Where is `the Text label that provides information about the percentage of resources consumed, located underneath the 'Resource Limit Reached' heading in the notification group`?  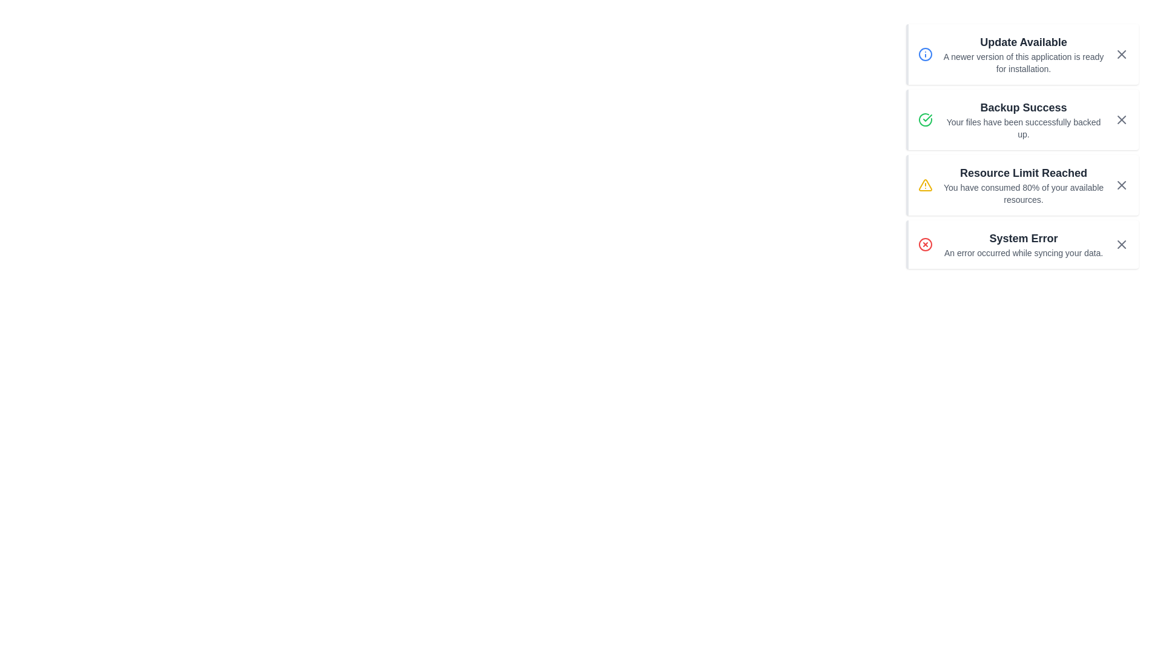
the Text label that provides information about the percentage of resources consumed, located underneath the 'Resource Limit Reached' heading in the notification group is located at coordinates (1022, 193).